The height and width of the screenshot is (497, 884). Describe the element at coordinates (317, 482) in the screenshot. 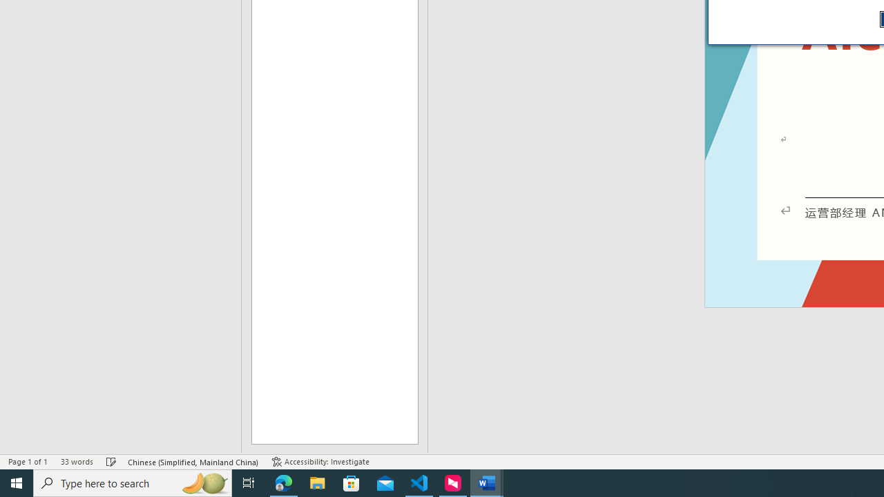

I see `'File Explorer'` at that location.